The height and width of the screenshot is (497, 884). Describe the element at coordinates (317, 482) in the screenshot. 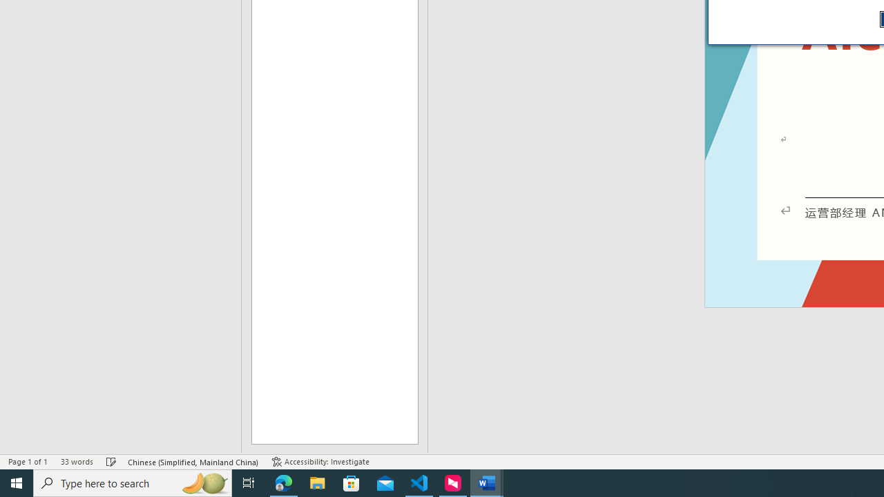

I see `'File Explorer'` at that location.